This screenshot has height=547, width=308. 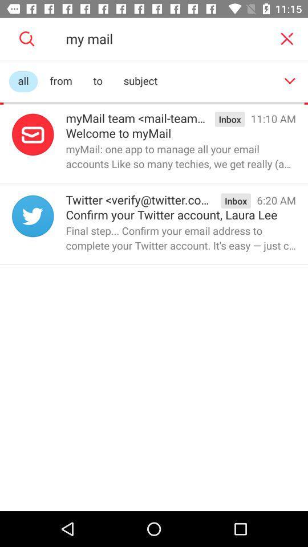 I want to click on the twitter icon, so click(x=33, y=215).